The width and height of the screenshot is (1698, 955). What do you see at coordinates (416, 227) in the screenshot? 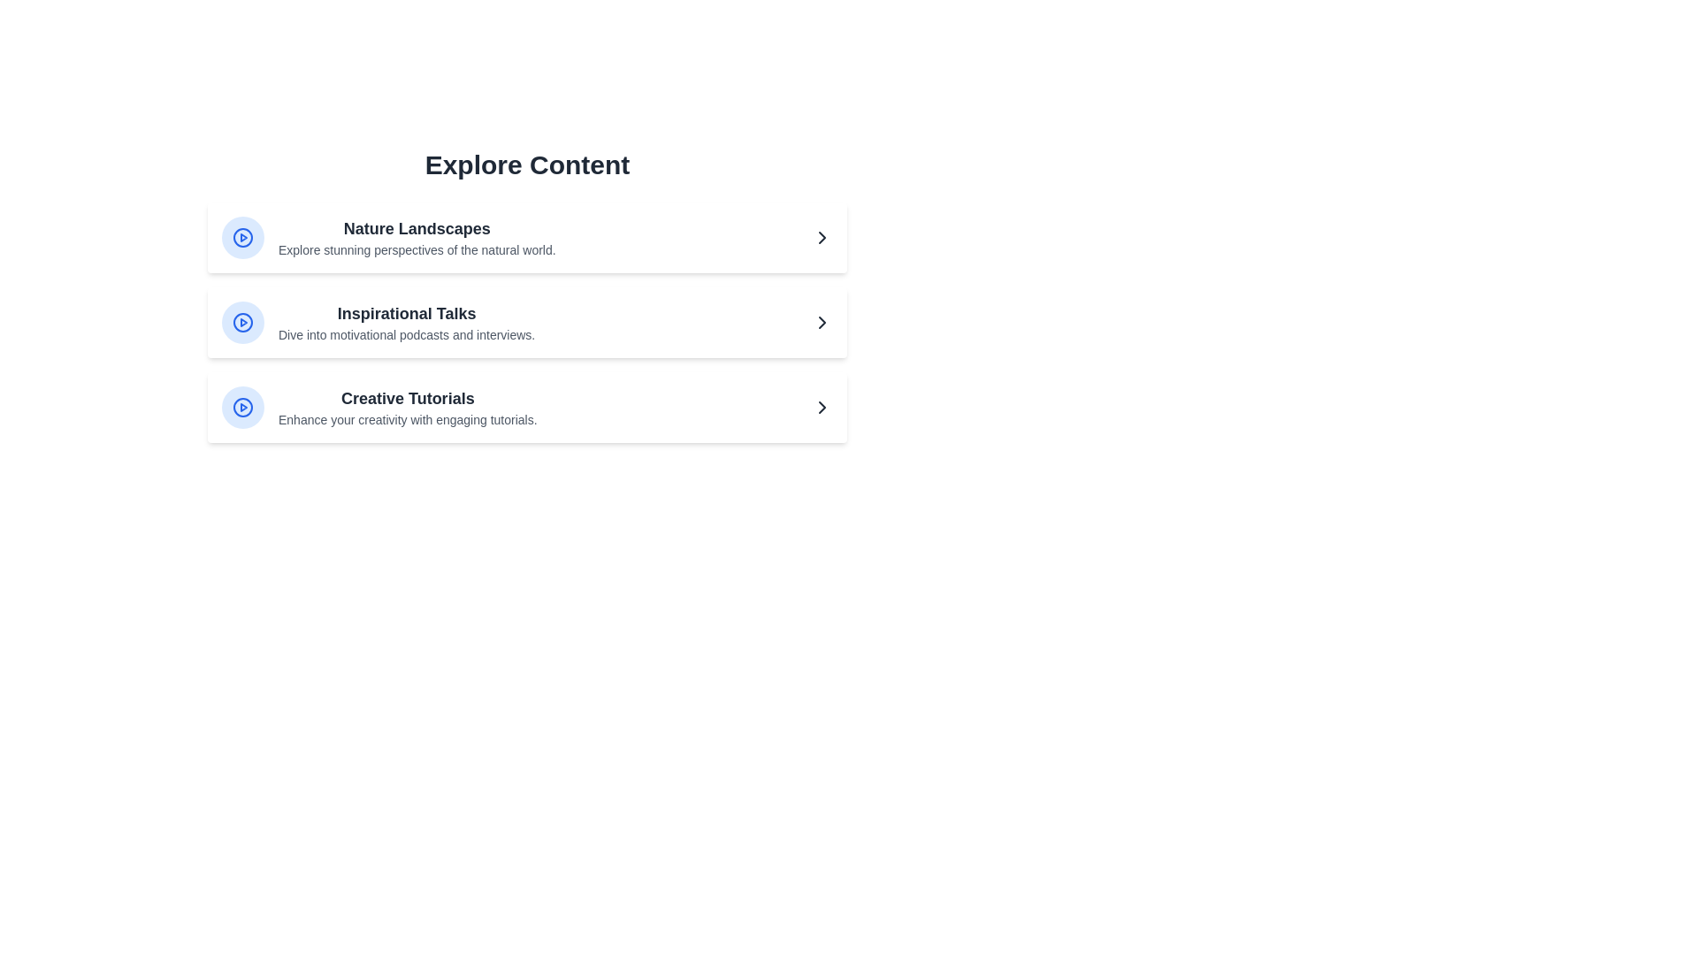
I see `the text of Nature Landscapes in the MediaList component` at bounding box center [416, 227].